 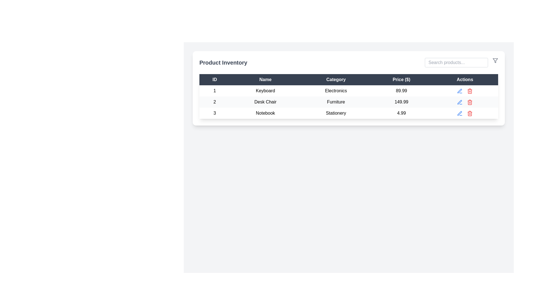 What do you see at coordinates (465, 80) in the screenshot?
I see `the Text label located in the top-right cell of the horizontal table header row, which indicates action-related controls for each row` at bounding box center [465, 80].